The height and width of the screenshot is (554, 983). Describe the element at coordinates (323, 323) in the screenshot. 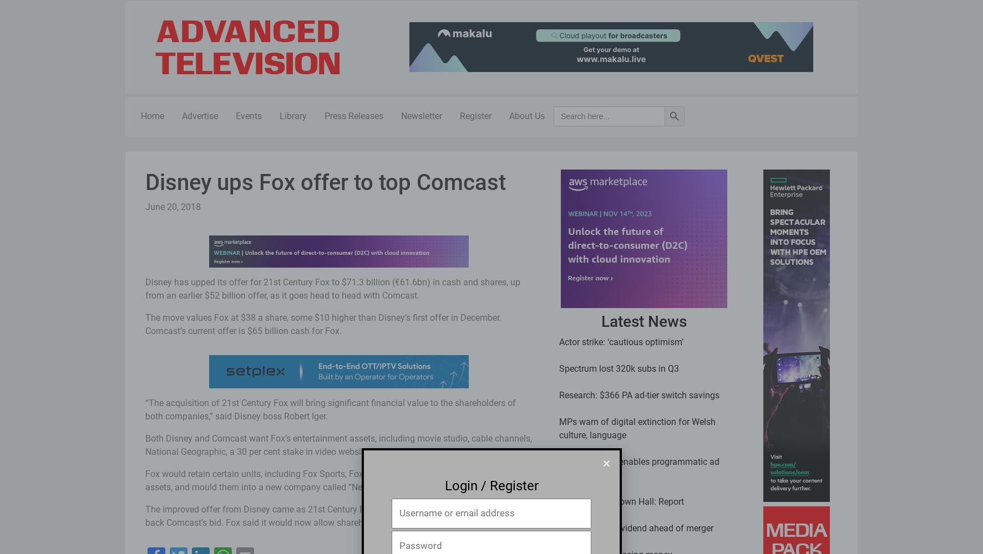

I see `'The move values Fox at $38 a share, some $10 higher than Disney’s first offer in December. Comcast’s current offer is $65 billion cash for Fox.'` at that location.